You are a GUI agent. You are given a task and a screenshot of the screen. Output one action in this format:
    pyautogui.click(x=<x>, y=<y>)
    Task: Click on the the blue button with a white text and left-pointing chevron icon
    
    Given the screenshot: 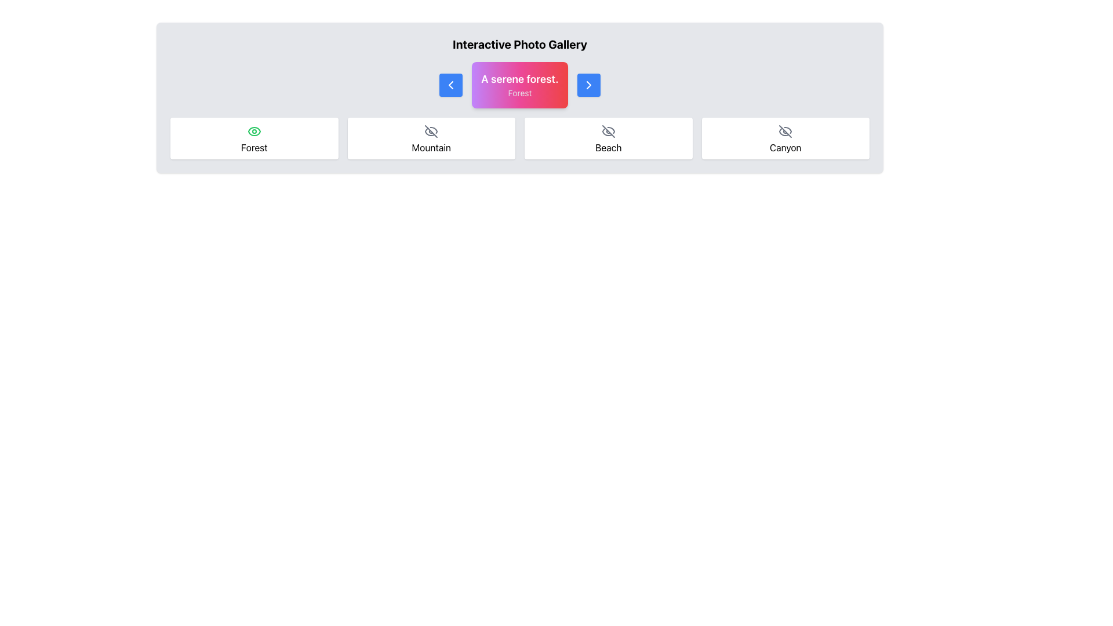 What is the action you would take?
    pyautogui.click(x=450, y=84)
    